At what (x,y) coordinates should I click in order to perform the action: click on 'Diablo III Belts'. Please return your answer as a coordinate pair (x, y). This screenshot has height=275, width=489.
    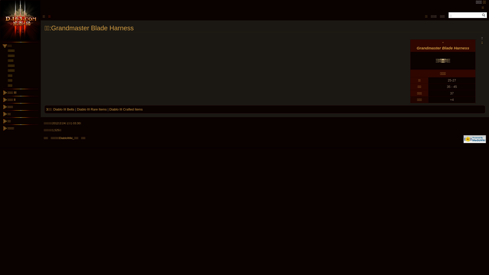
    Looking at the image, I should click on (63, 109).